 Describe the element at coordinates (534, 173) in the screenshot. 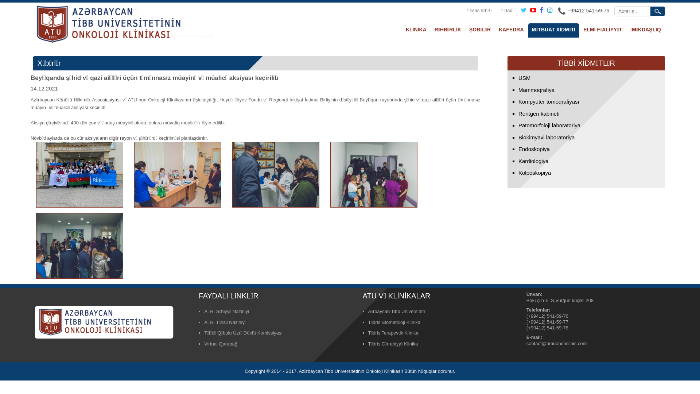

I see `'Kolposkopiya'` at that location.